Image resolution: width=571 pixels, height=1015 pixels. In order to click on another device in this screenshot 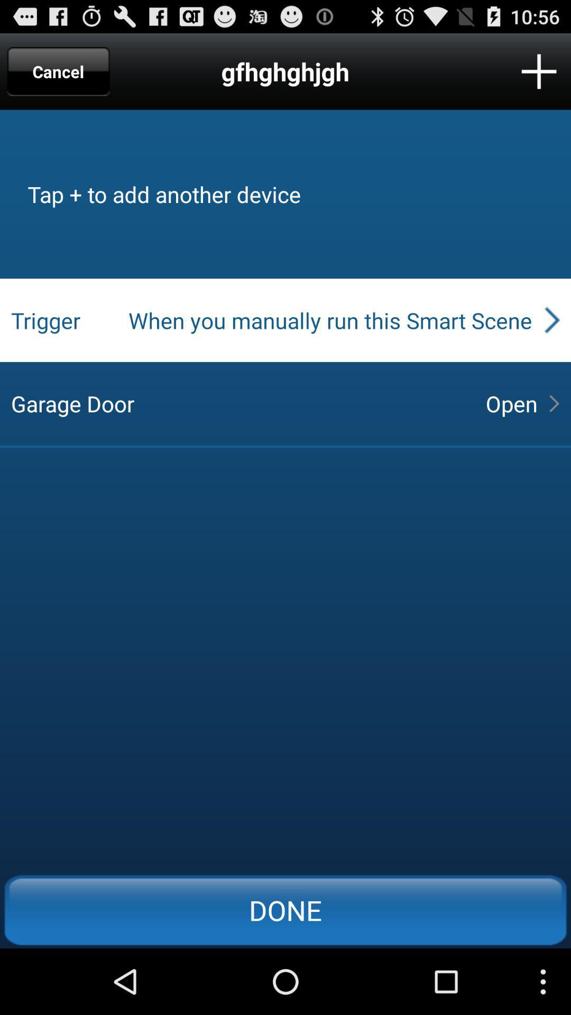, I will do `click(539, 71)`.